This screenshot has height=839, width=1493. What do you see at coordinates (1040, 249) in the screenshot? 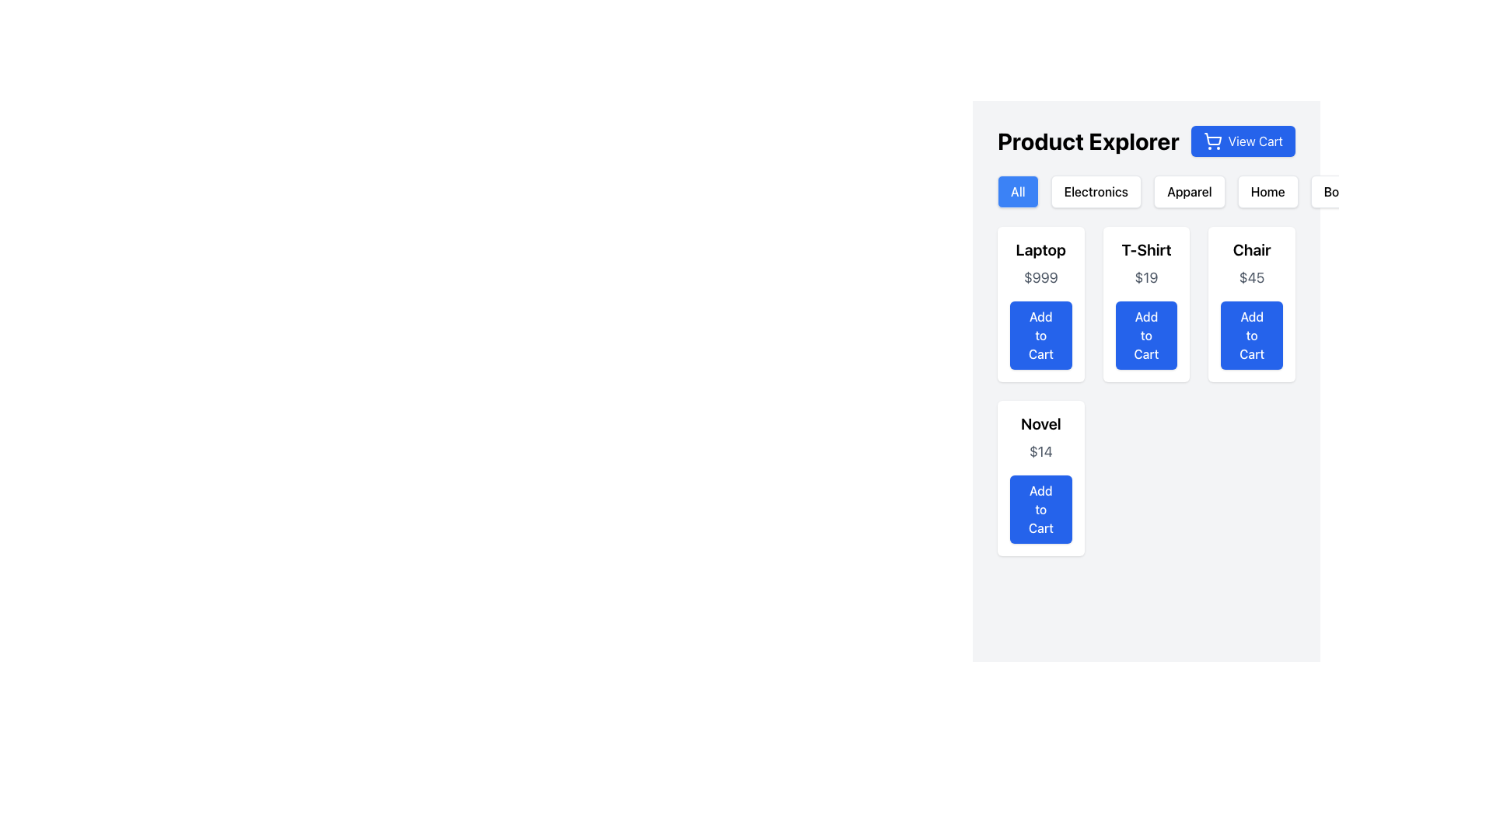
I see `the Text Label that displays the product name, which is located above the price and 'Add to Cart' button within the product display grid` at bounding box center [1040, 249].